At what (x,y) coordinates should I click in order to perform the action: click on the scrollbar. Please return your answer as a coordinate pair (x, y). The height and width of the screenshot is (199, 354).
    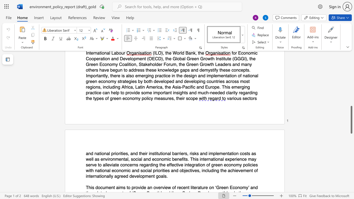
    Looking at the image, I should click on (351, 63).